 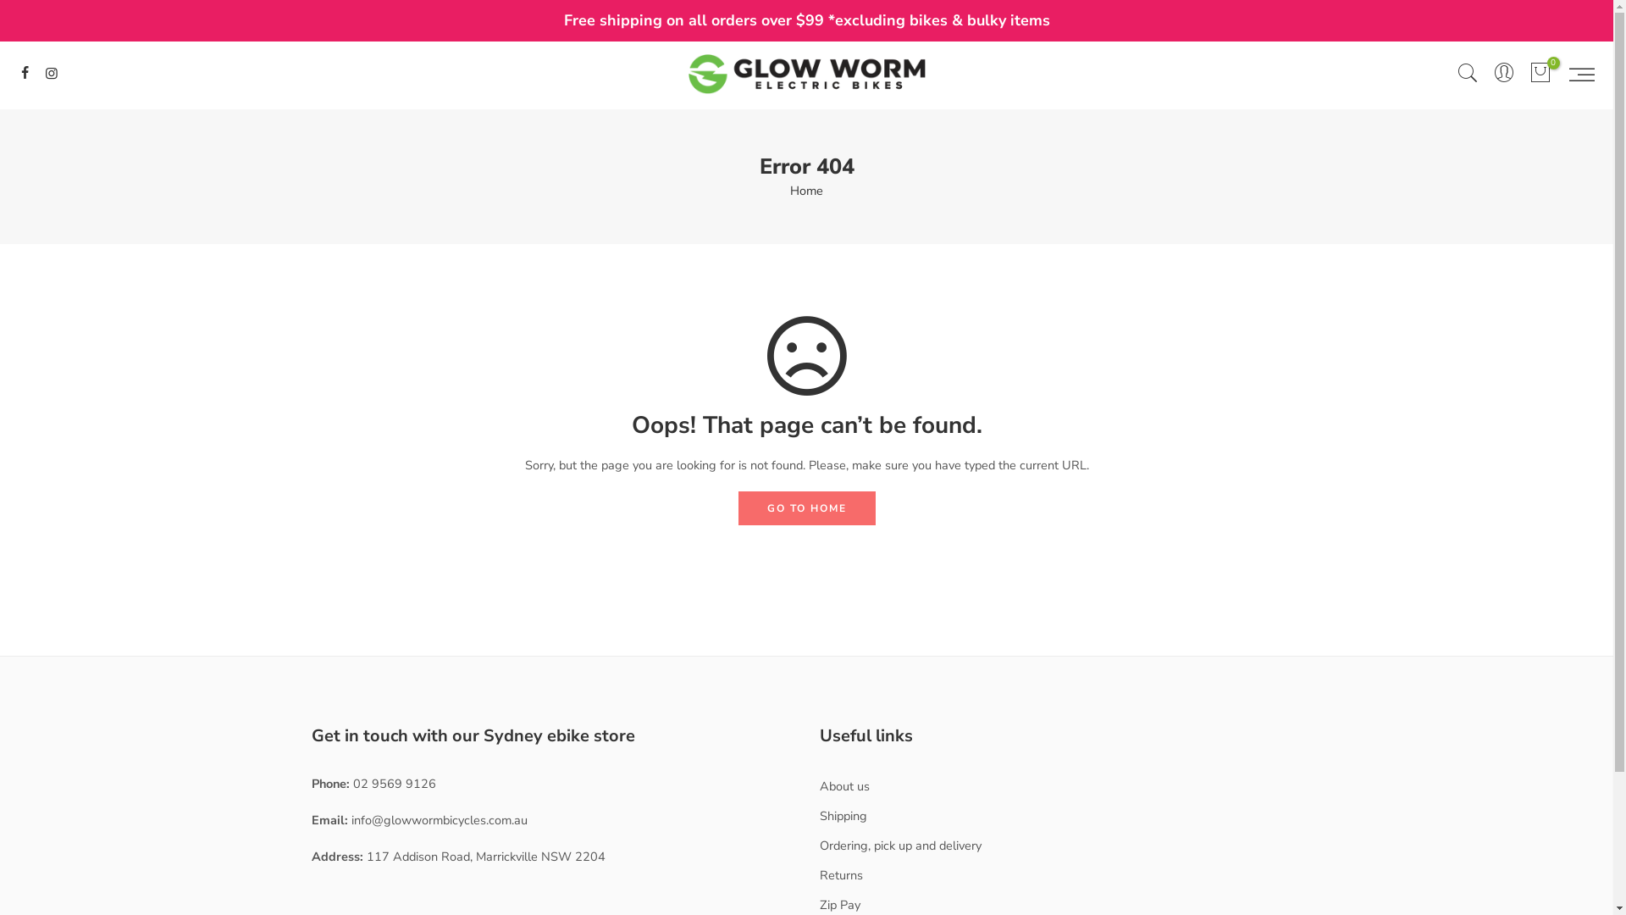 What do you see at coordinates (843, 815) in the screenshot?
I see `'Shipping'` at bounding box center [843, 815].